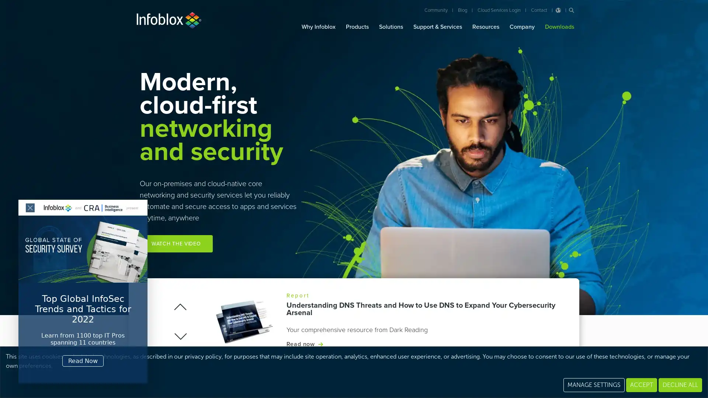  What do you see at coordinates (641, 384) in the screenshot?
I see `ACCEPT` at bounding box center [641, 384].